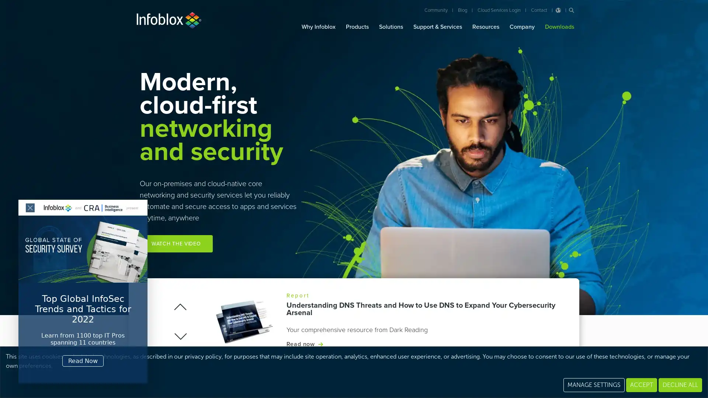  What do you see at coordinates (641, 384) in the screenshot?
I see `ACCEPT` at bounding box center [641, 384].